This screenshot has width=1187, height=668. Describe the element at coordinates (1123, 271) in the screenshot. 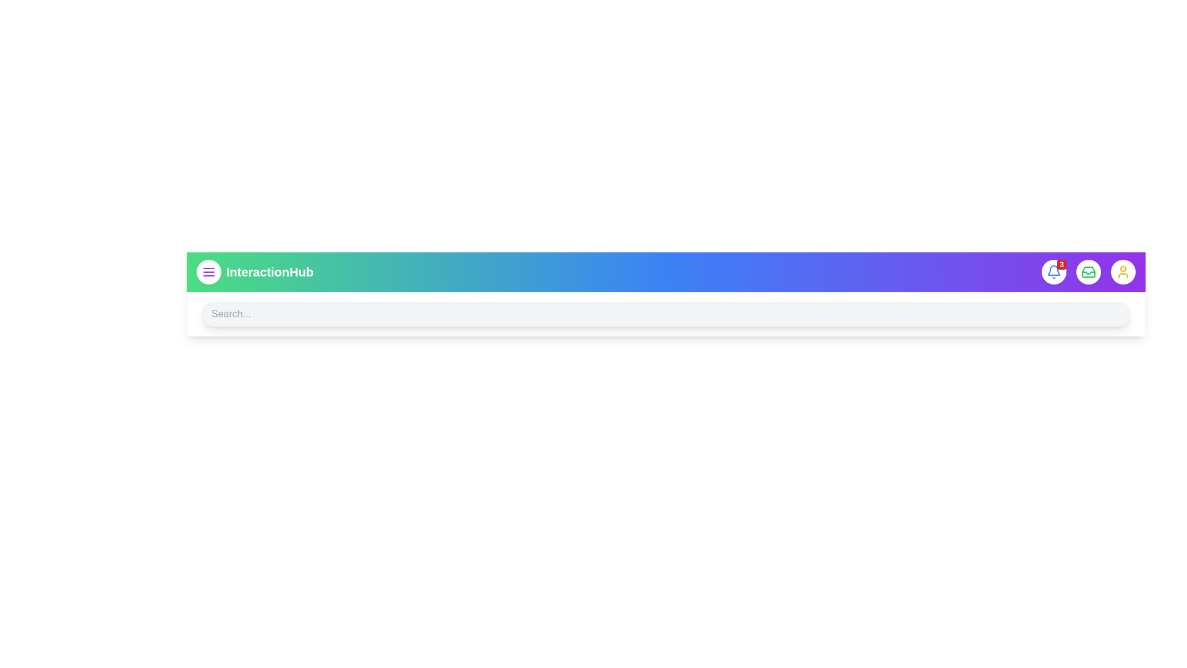

I see `the user_profile icon to view its tooltip or visual change` at that location.